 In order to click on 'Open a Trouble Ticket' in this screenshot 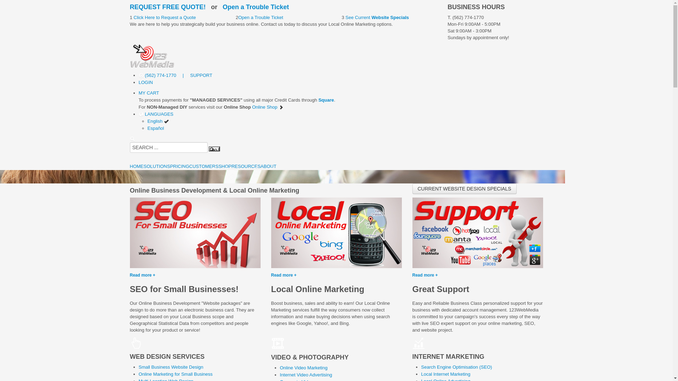, I will do `click(260, 17)`.